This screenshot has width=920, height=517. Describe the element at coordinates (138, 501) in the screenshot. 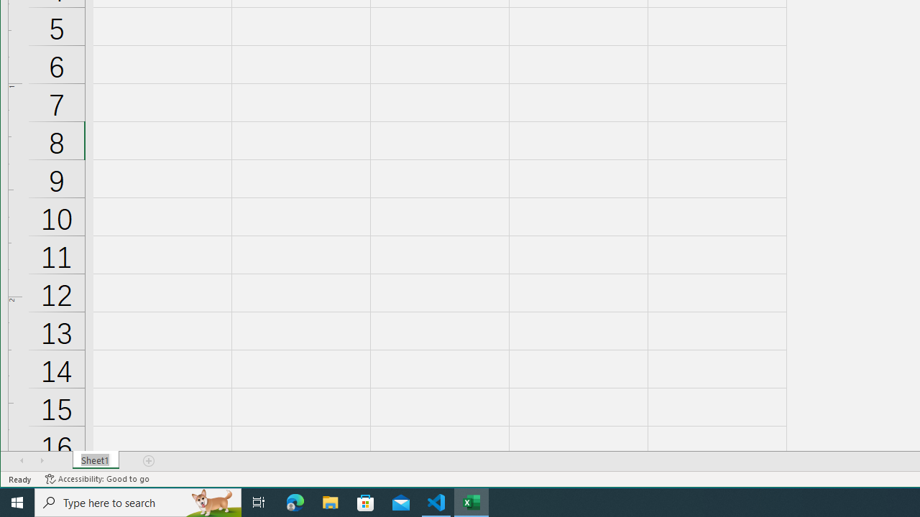

I see `'Type here to search'` at that location.